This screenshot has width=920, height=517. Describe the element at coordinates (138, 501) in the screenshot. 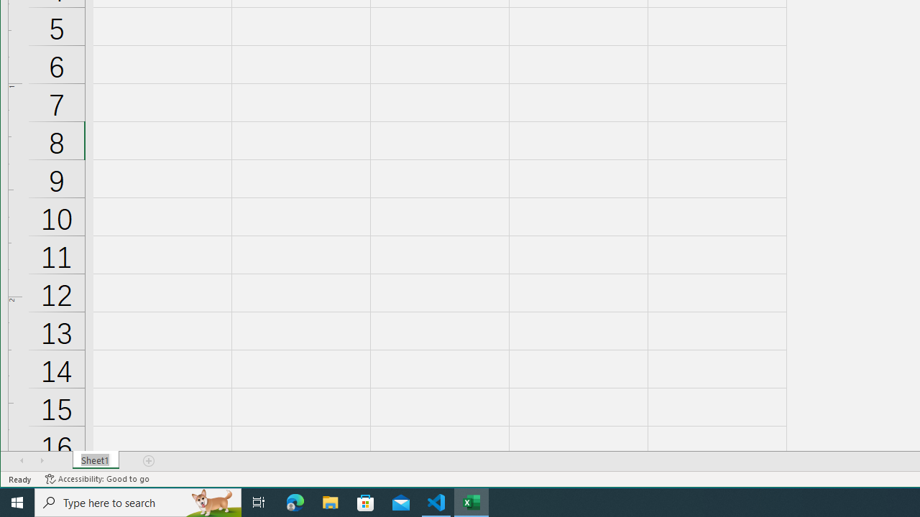

I see `'Type here to search'` at that location.